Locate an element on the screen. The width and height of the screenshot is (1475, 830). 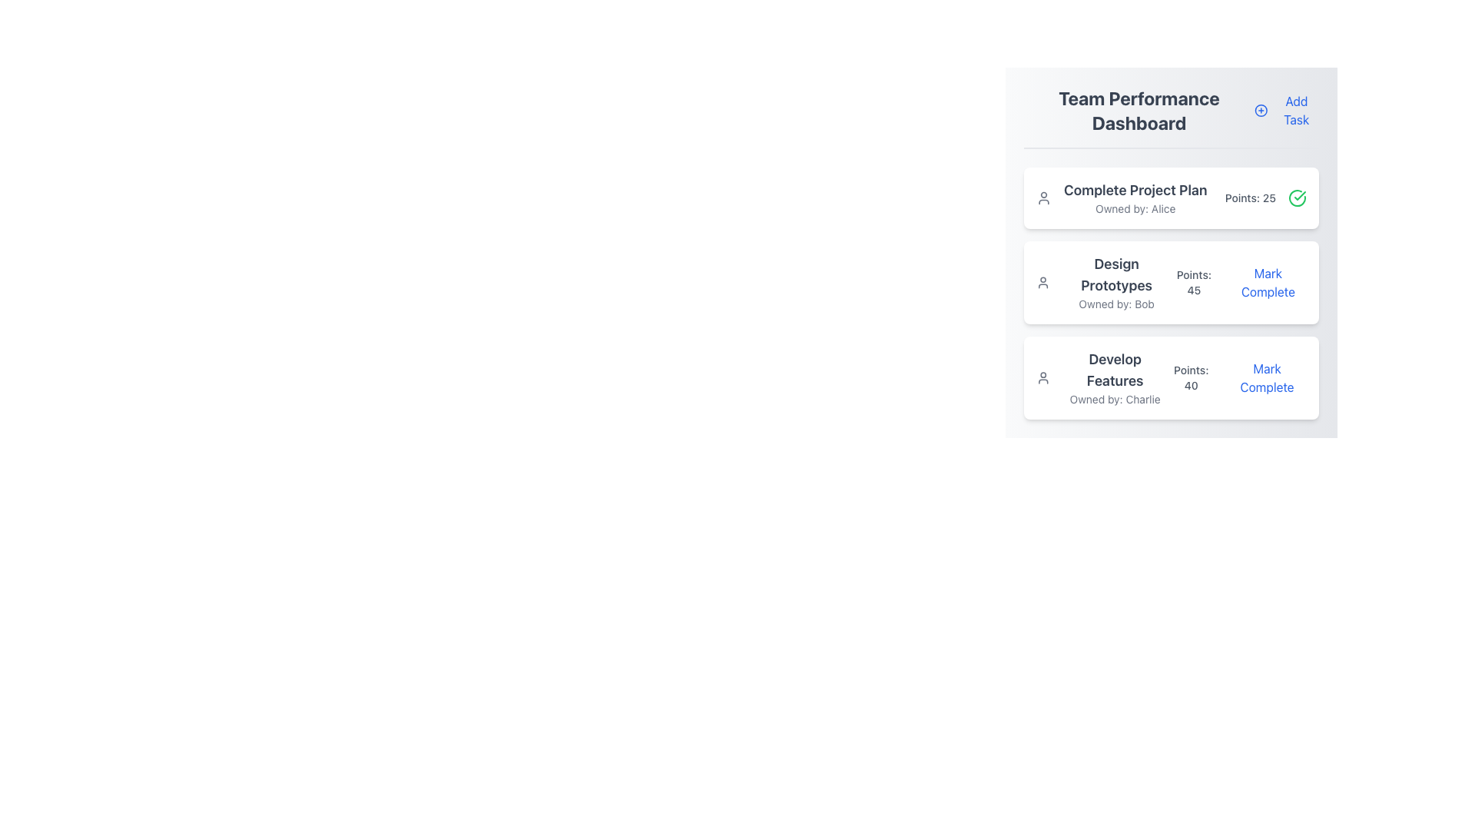
the circular outline element in the SVG icon located near the 'Add Task' link on the dashboard is located at coordinates (1261, 109).